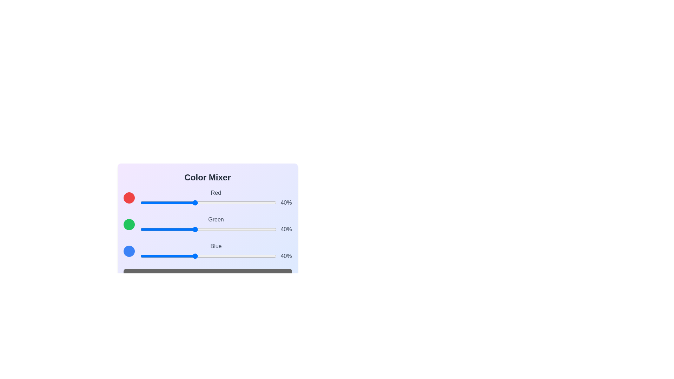  I want to click on the blue slider to 18% and observe the mixed color display, so click(164, 256).